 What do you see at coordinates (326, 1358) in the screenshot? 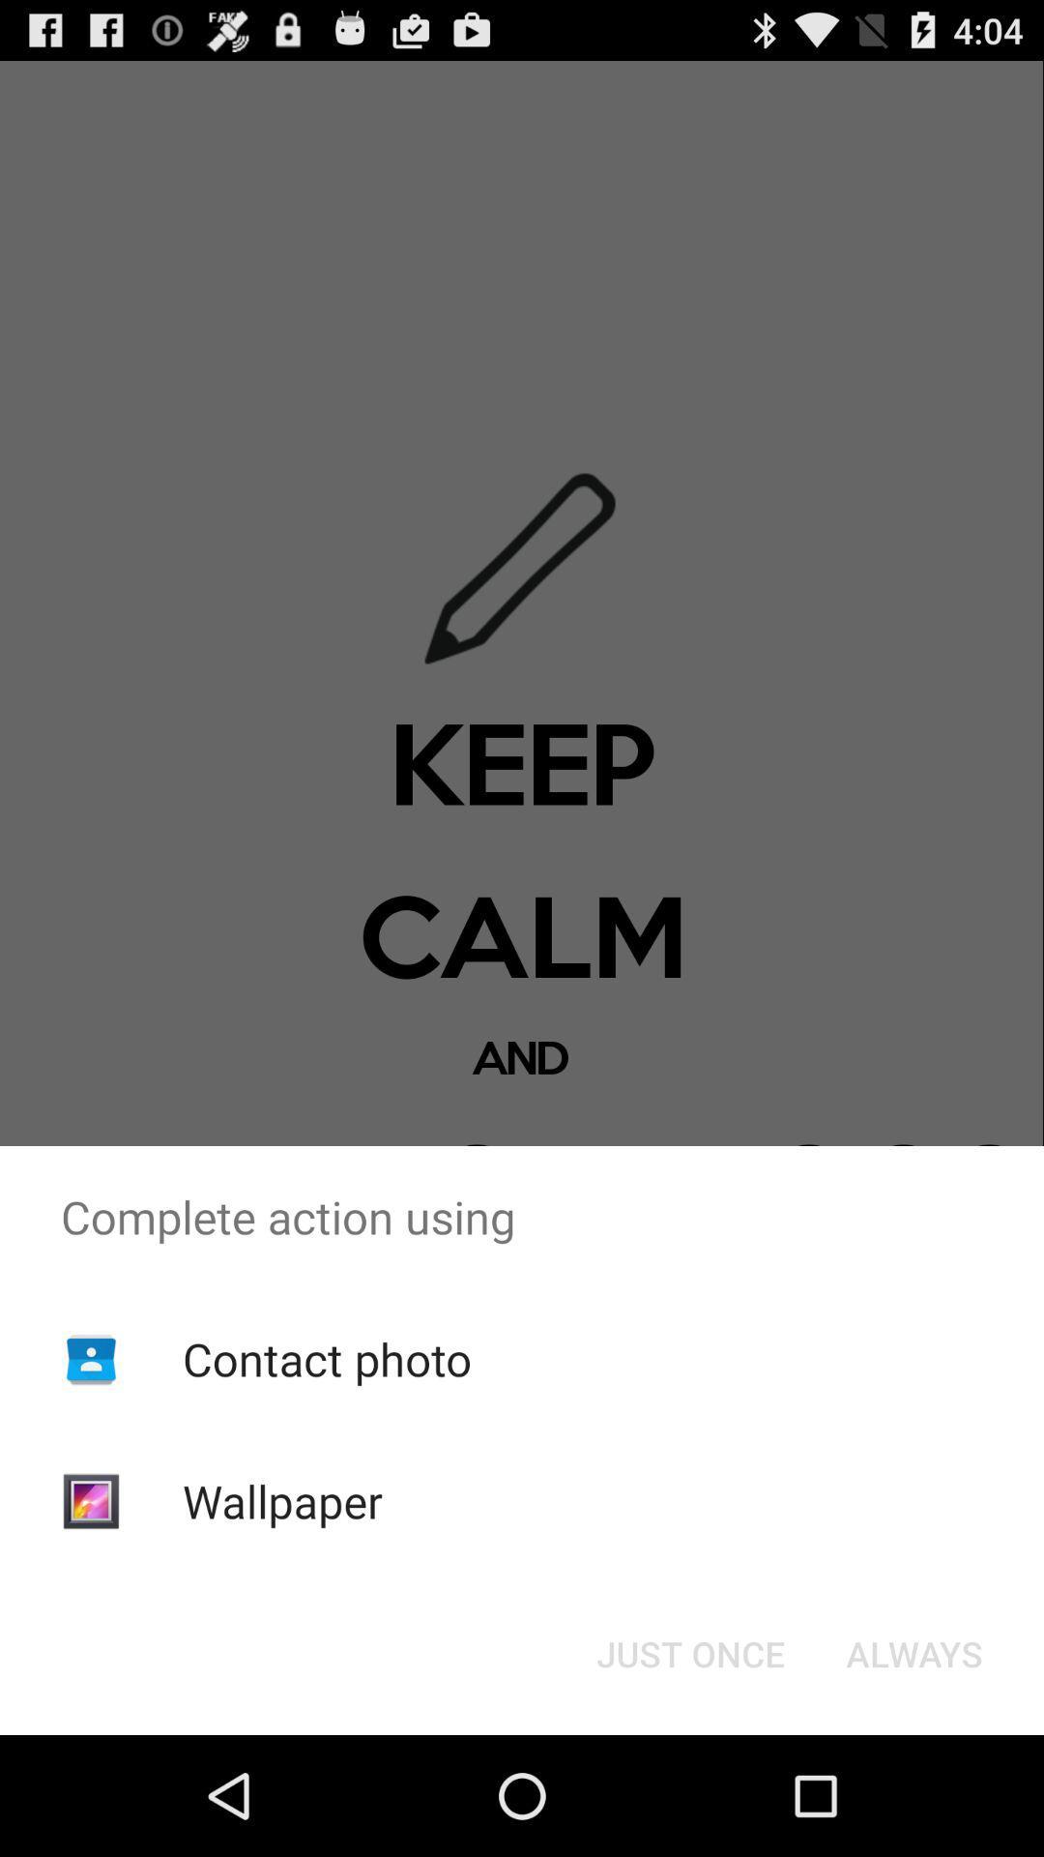
I see `contact photo item` at bounding box center [326, 1358].